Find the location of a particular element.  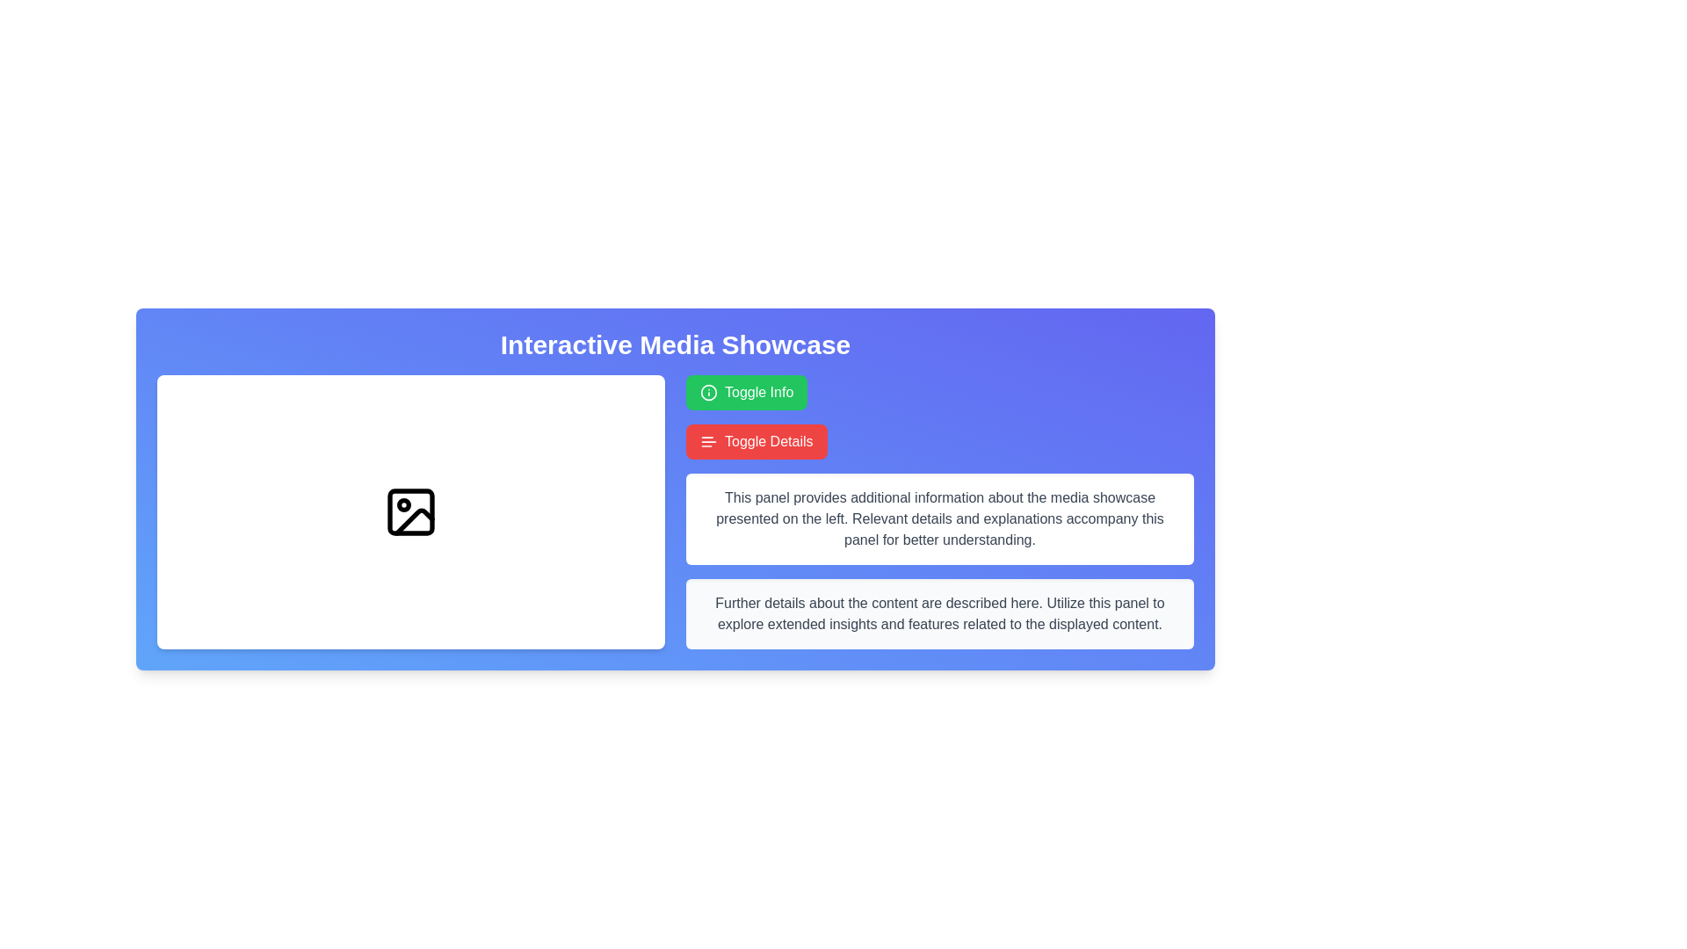

information provided in the text block located near the center-right portion of the interface is located at coordinates (939, 518).